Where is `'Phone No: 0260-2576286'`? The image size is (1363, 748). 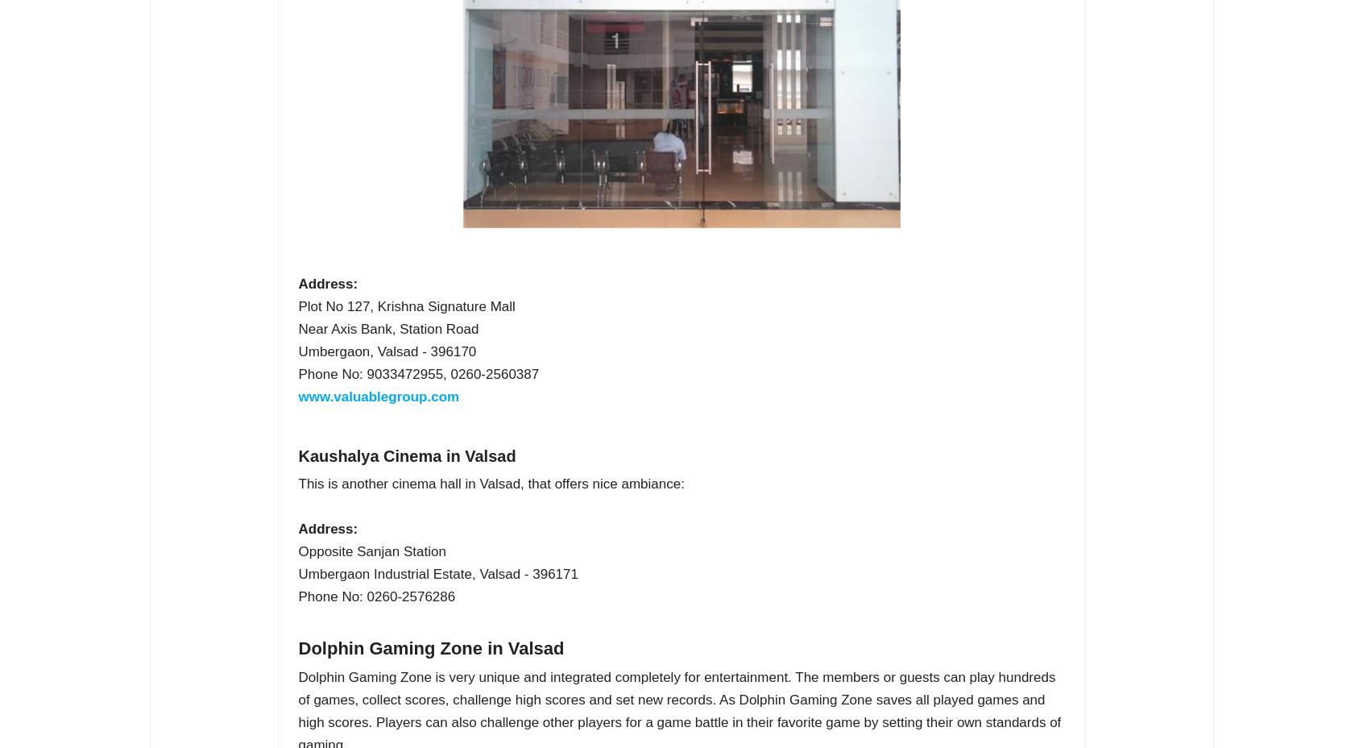 'Phone No: 0260-2576286' is located at coordinates (375, 596).